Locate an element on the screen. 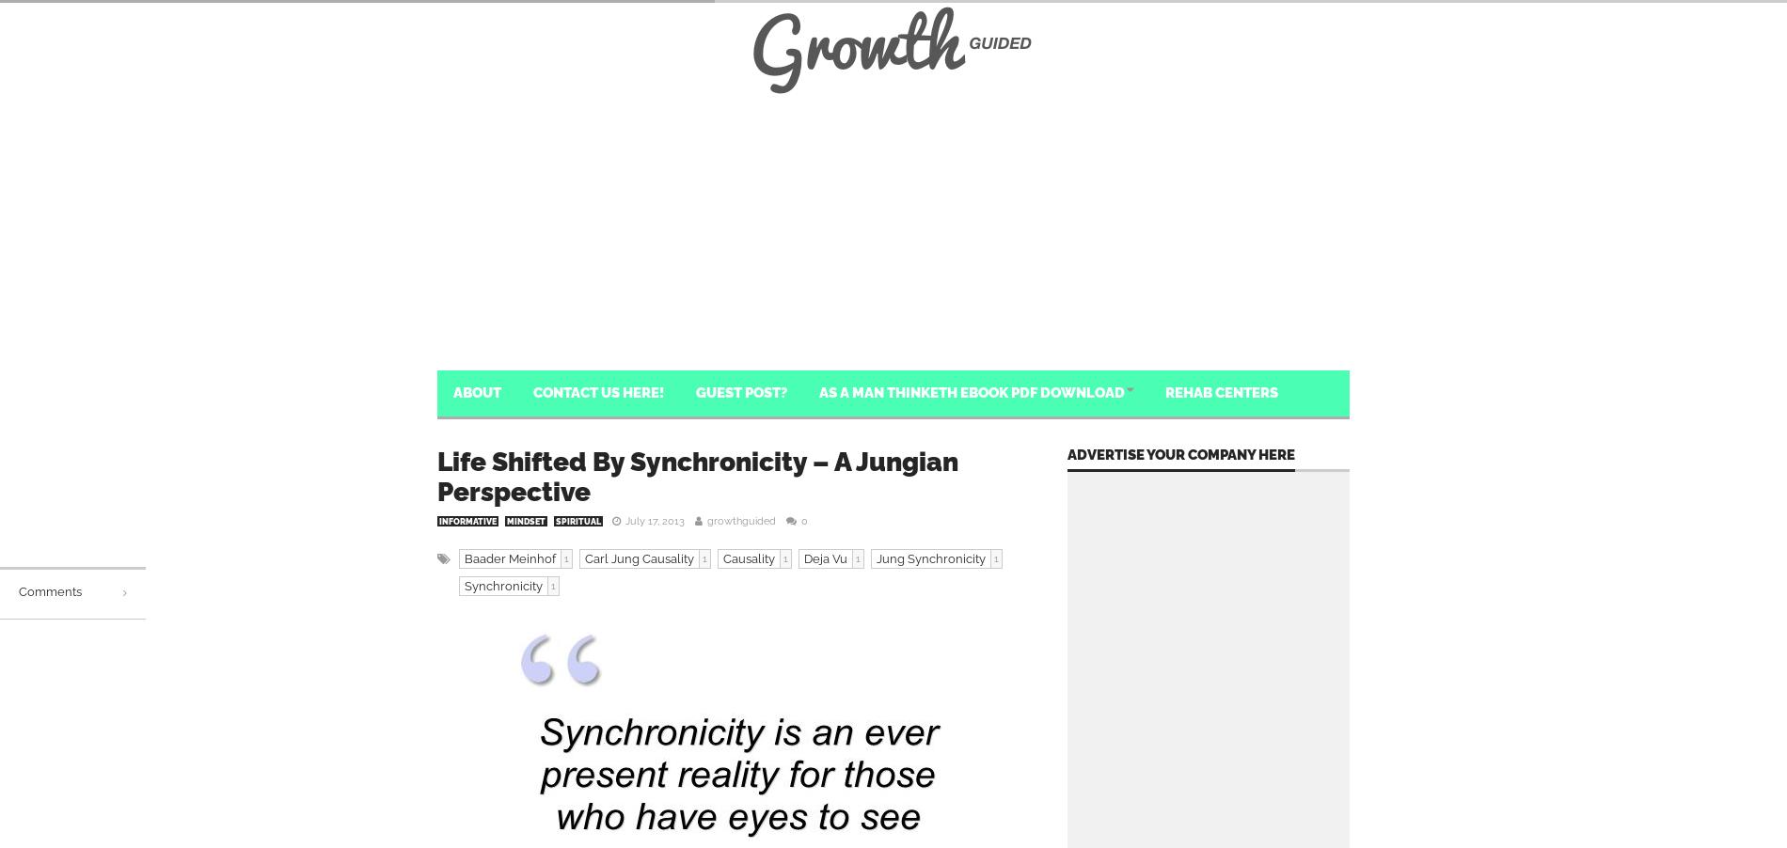  'Contact Us Here!' is located at coordinates (598, 392).